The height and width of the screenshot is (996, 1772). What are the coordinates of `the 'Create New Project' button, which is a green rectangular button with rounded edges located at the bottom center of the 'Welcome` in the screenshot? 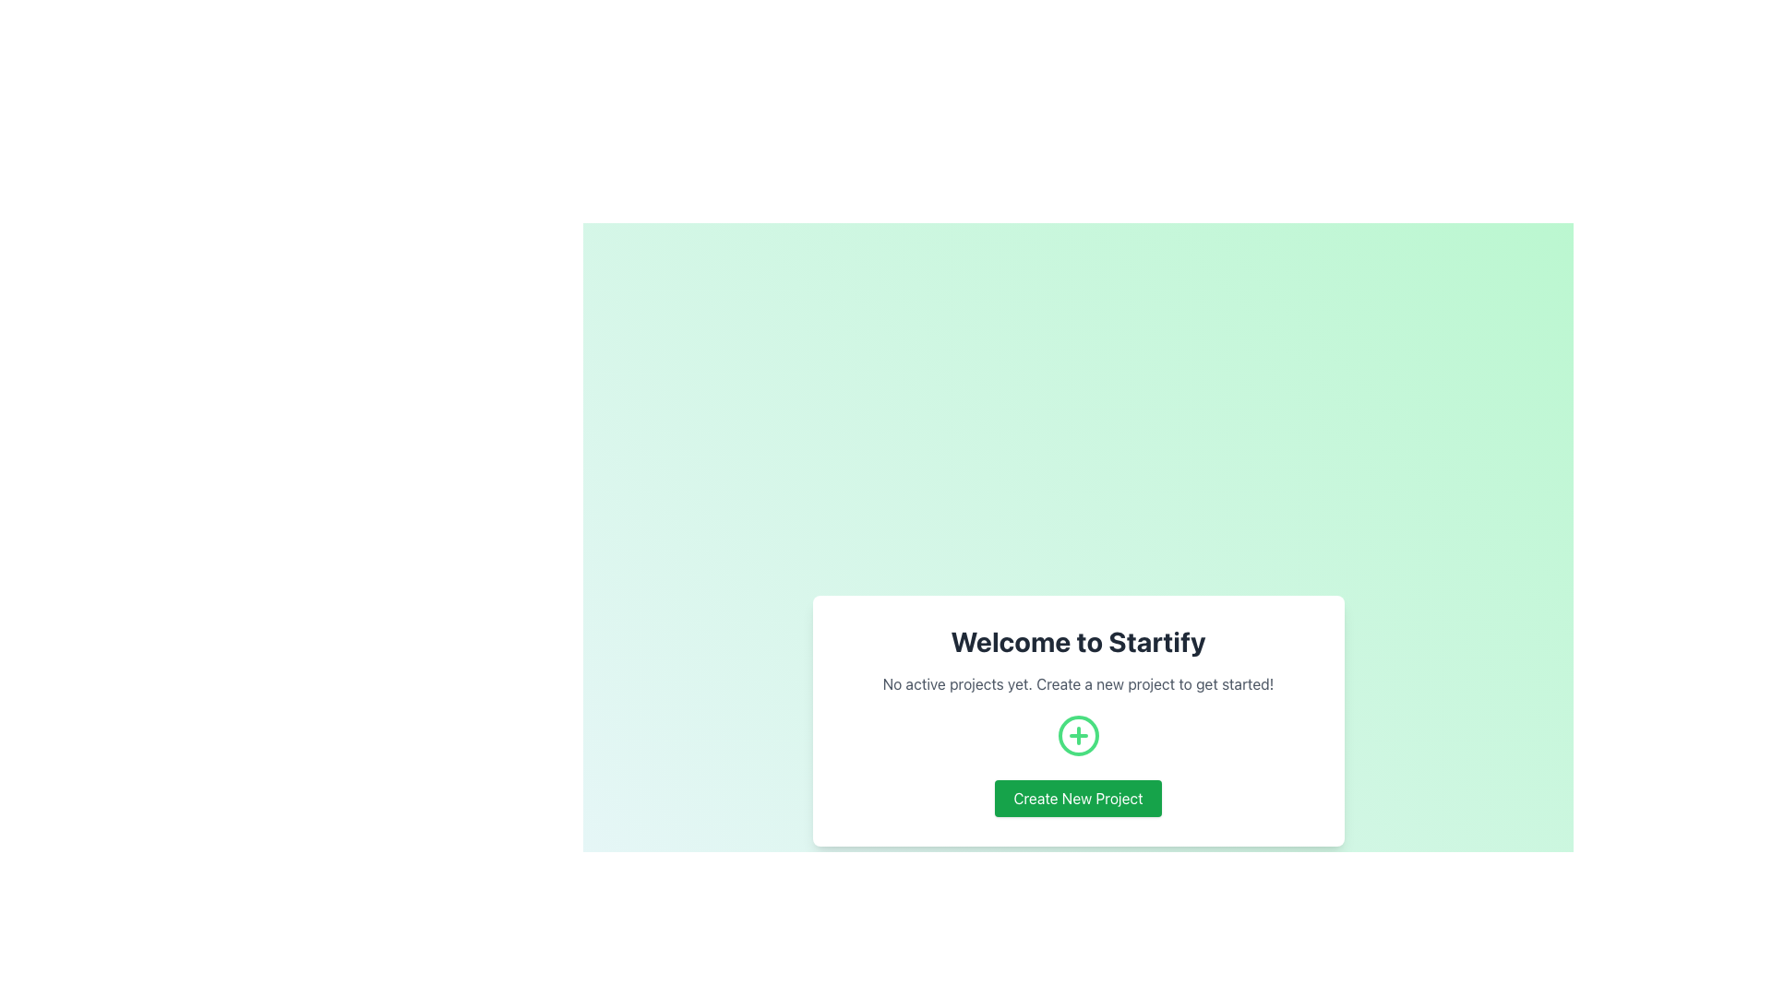 It's located at (1078, 798).